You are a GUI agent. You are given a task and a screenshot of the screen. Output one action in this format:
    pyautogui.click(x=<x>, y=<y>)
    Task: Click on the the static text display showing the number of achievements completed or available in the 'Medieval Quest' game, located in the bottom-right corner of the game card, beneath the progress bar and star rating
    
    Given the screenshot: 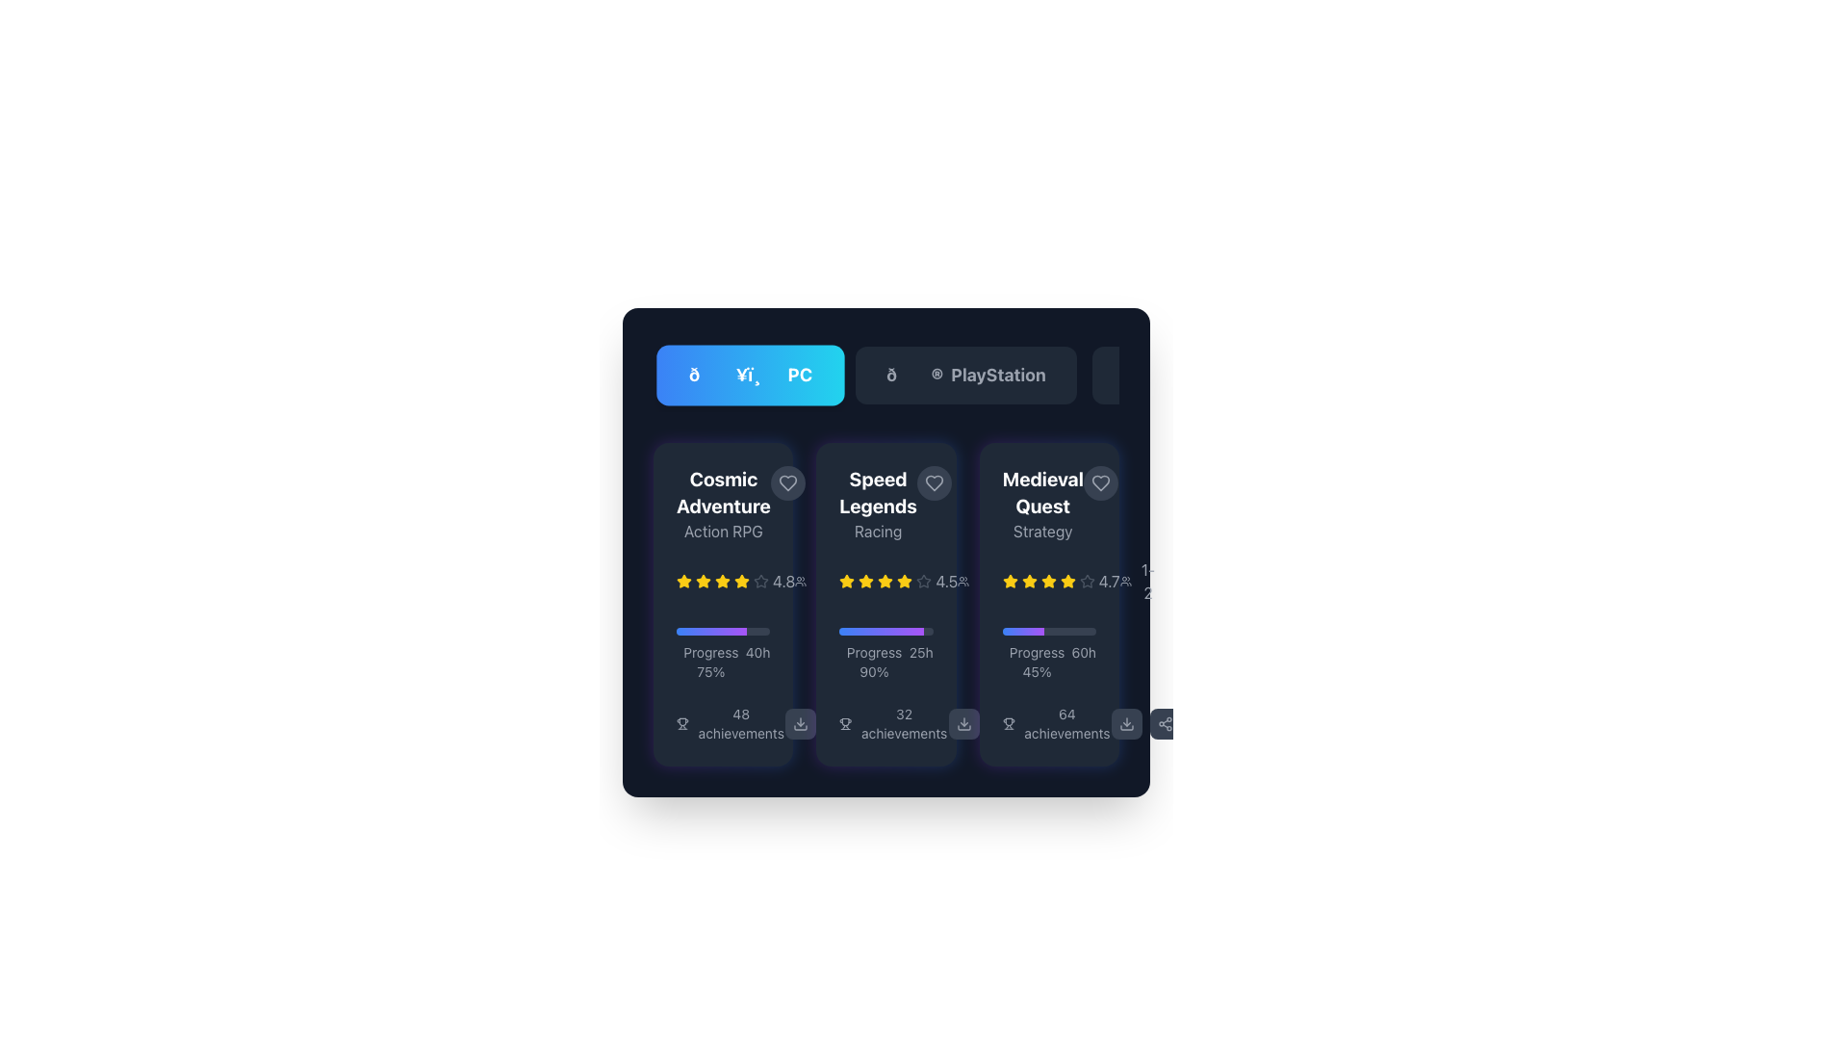 What is the action you would take?
    pyautogui.click(x=1065, y=724)
    